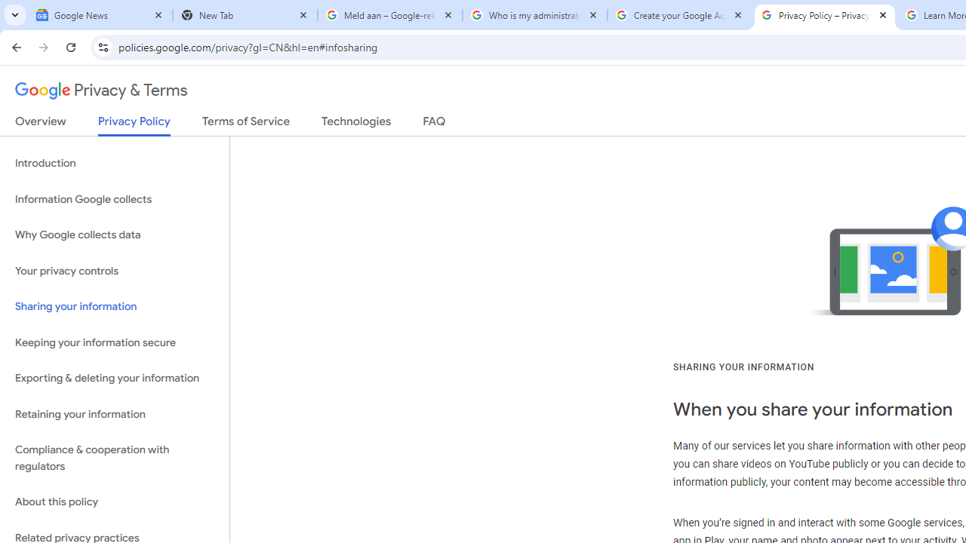 The image size is (966, 543). Describe the element at coordinates (245, 15) in the screenshot. I see `'New Tab'` at that location.